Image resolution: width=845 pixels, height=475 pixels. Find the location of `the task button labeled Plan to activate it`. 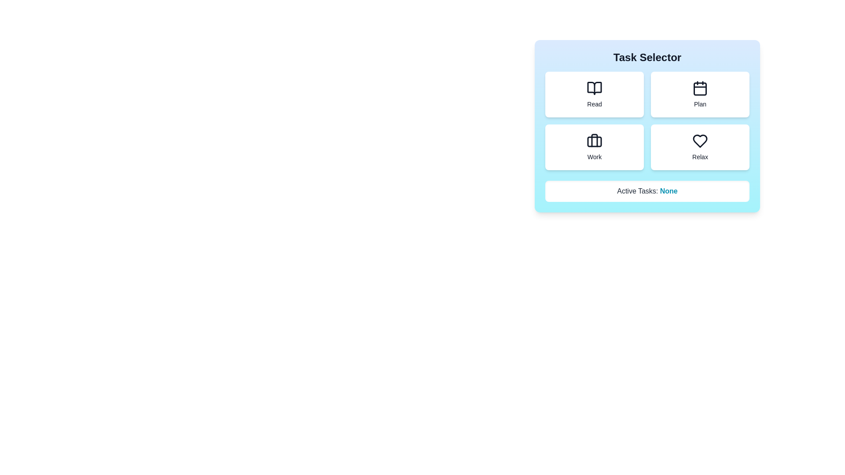

the task button labeled Plan to activate it is located at coordinates (699, 95).